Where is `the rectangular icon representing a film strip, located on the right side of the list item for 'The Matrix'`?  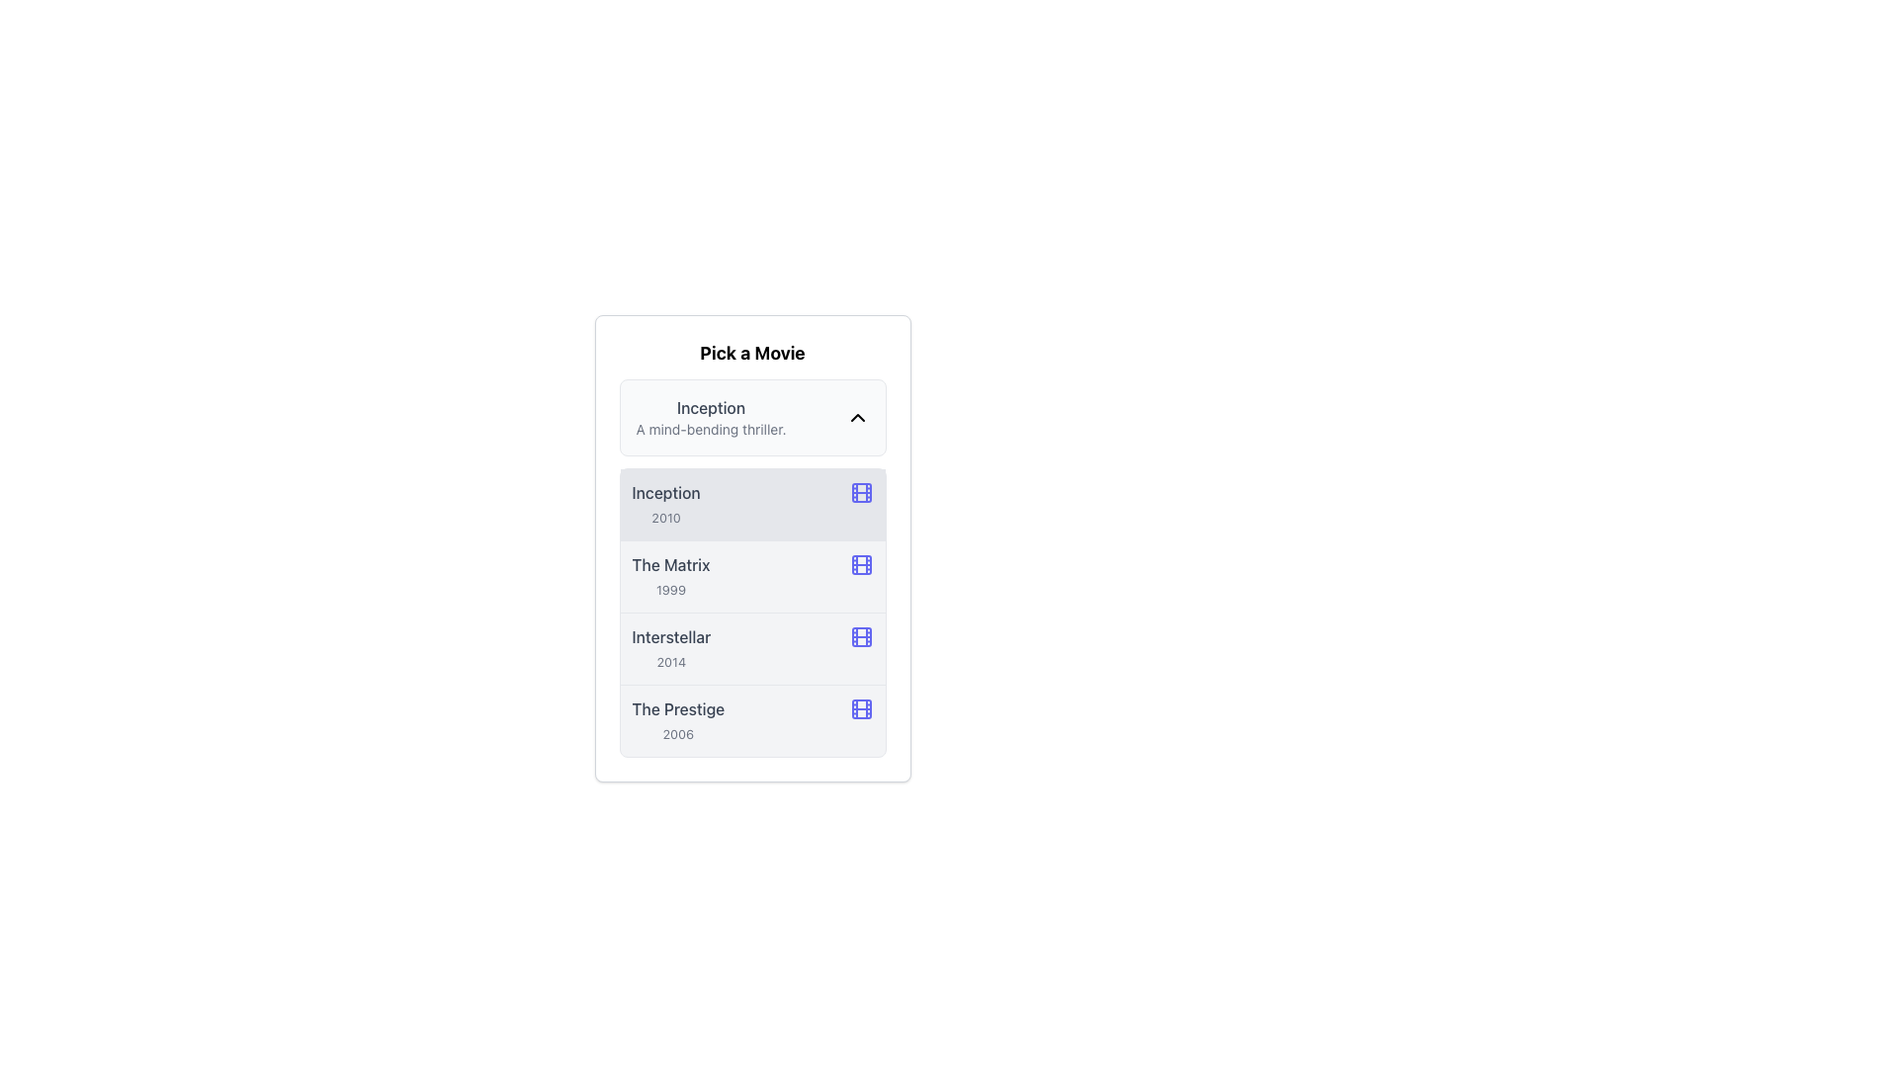 the rectangular icon representing a film strip, located on the right side of the list item for 'The Matrix' is located at coordinates (861, 564).